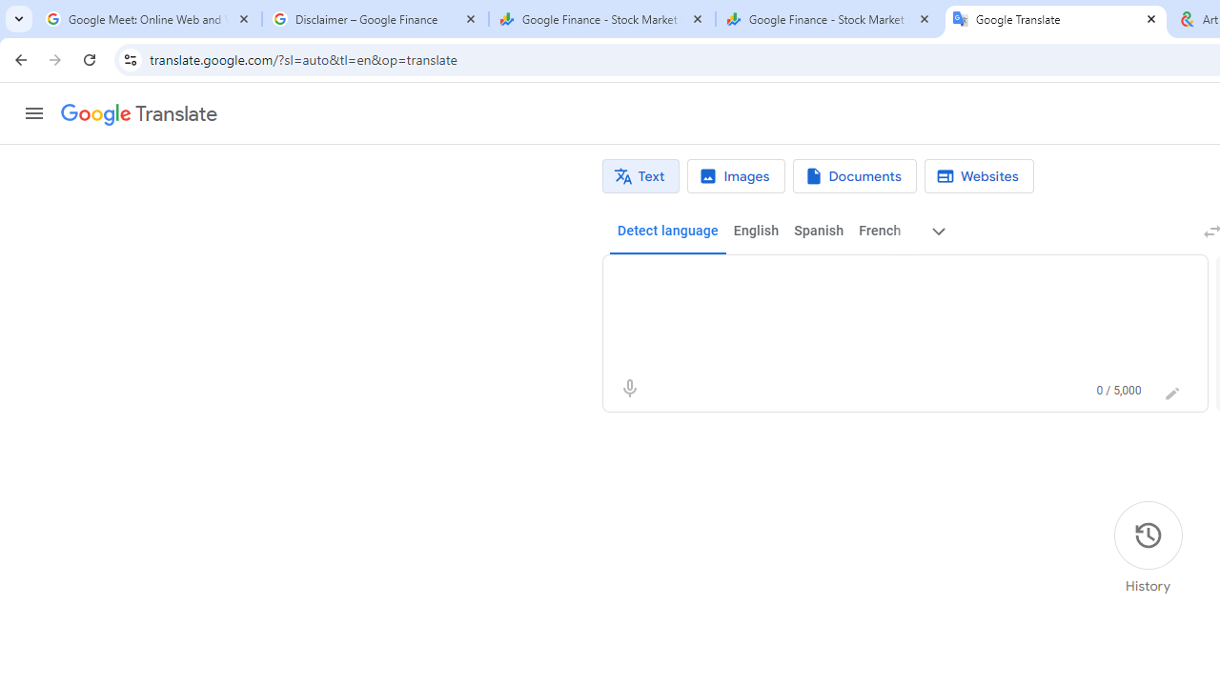  Describe the element at coordinates (1118, 390) in the screenshot. I see `'0 of 5,000 characters used'` at that location.